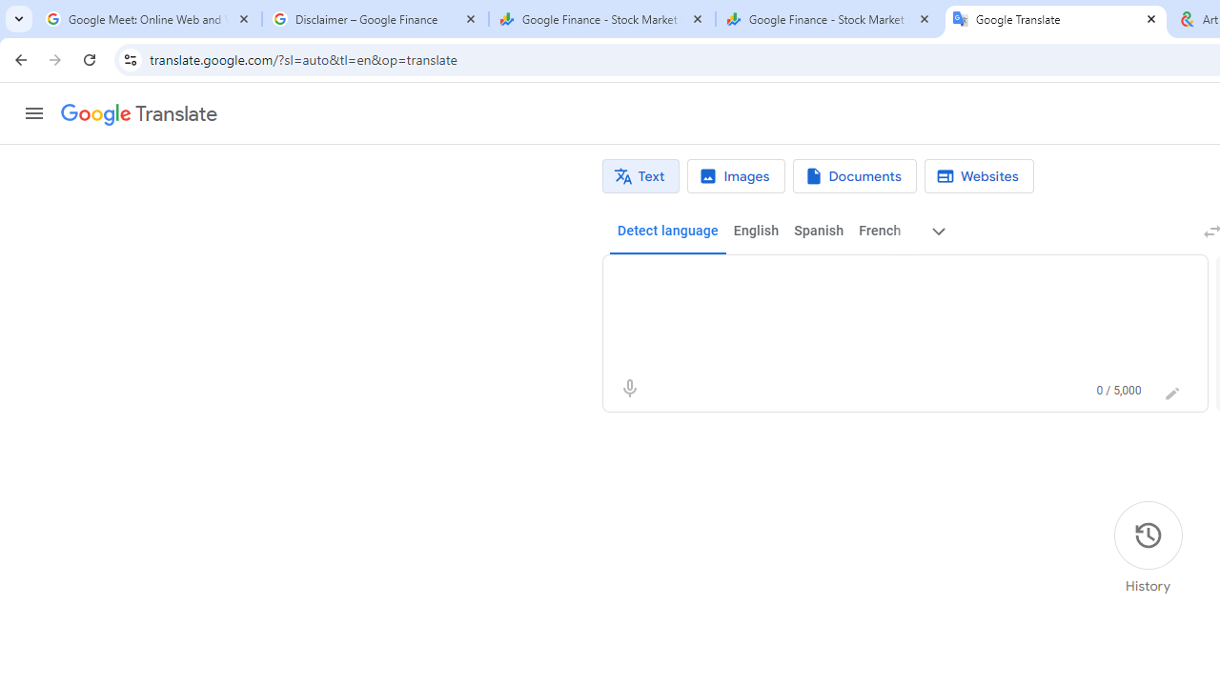  Describe the element at coordinates (1118, 390) in the screenshot. I see `'0 of 5,000 characters used'` at that location.